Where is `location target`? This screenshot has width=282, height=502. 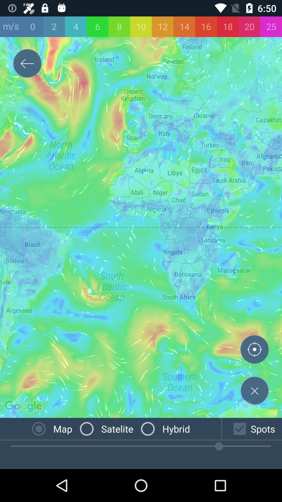
location target is located at coordinates (254, 350).